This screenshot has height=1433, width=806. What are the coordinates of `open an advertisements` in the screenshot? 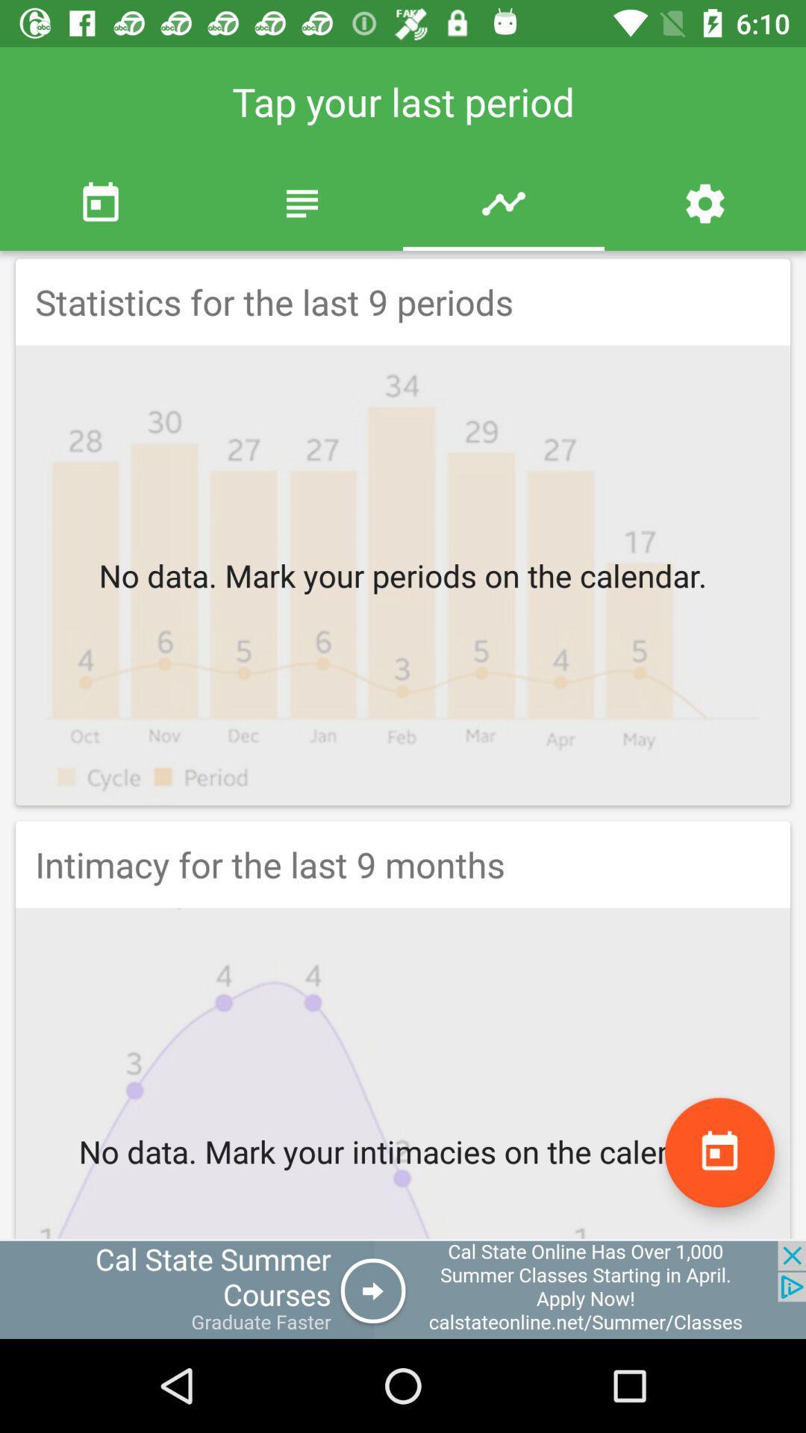 It's located at (403, 1289).